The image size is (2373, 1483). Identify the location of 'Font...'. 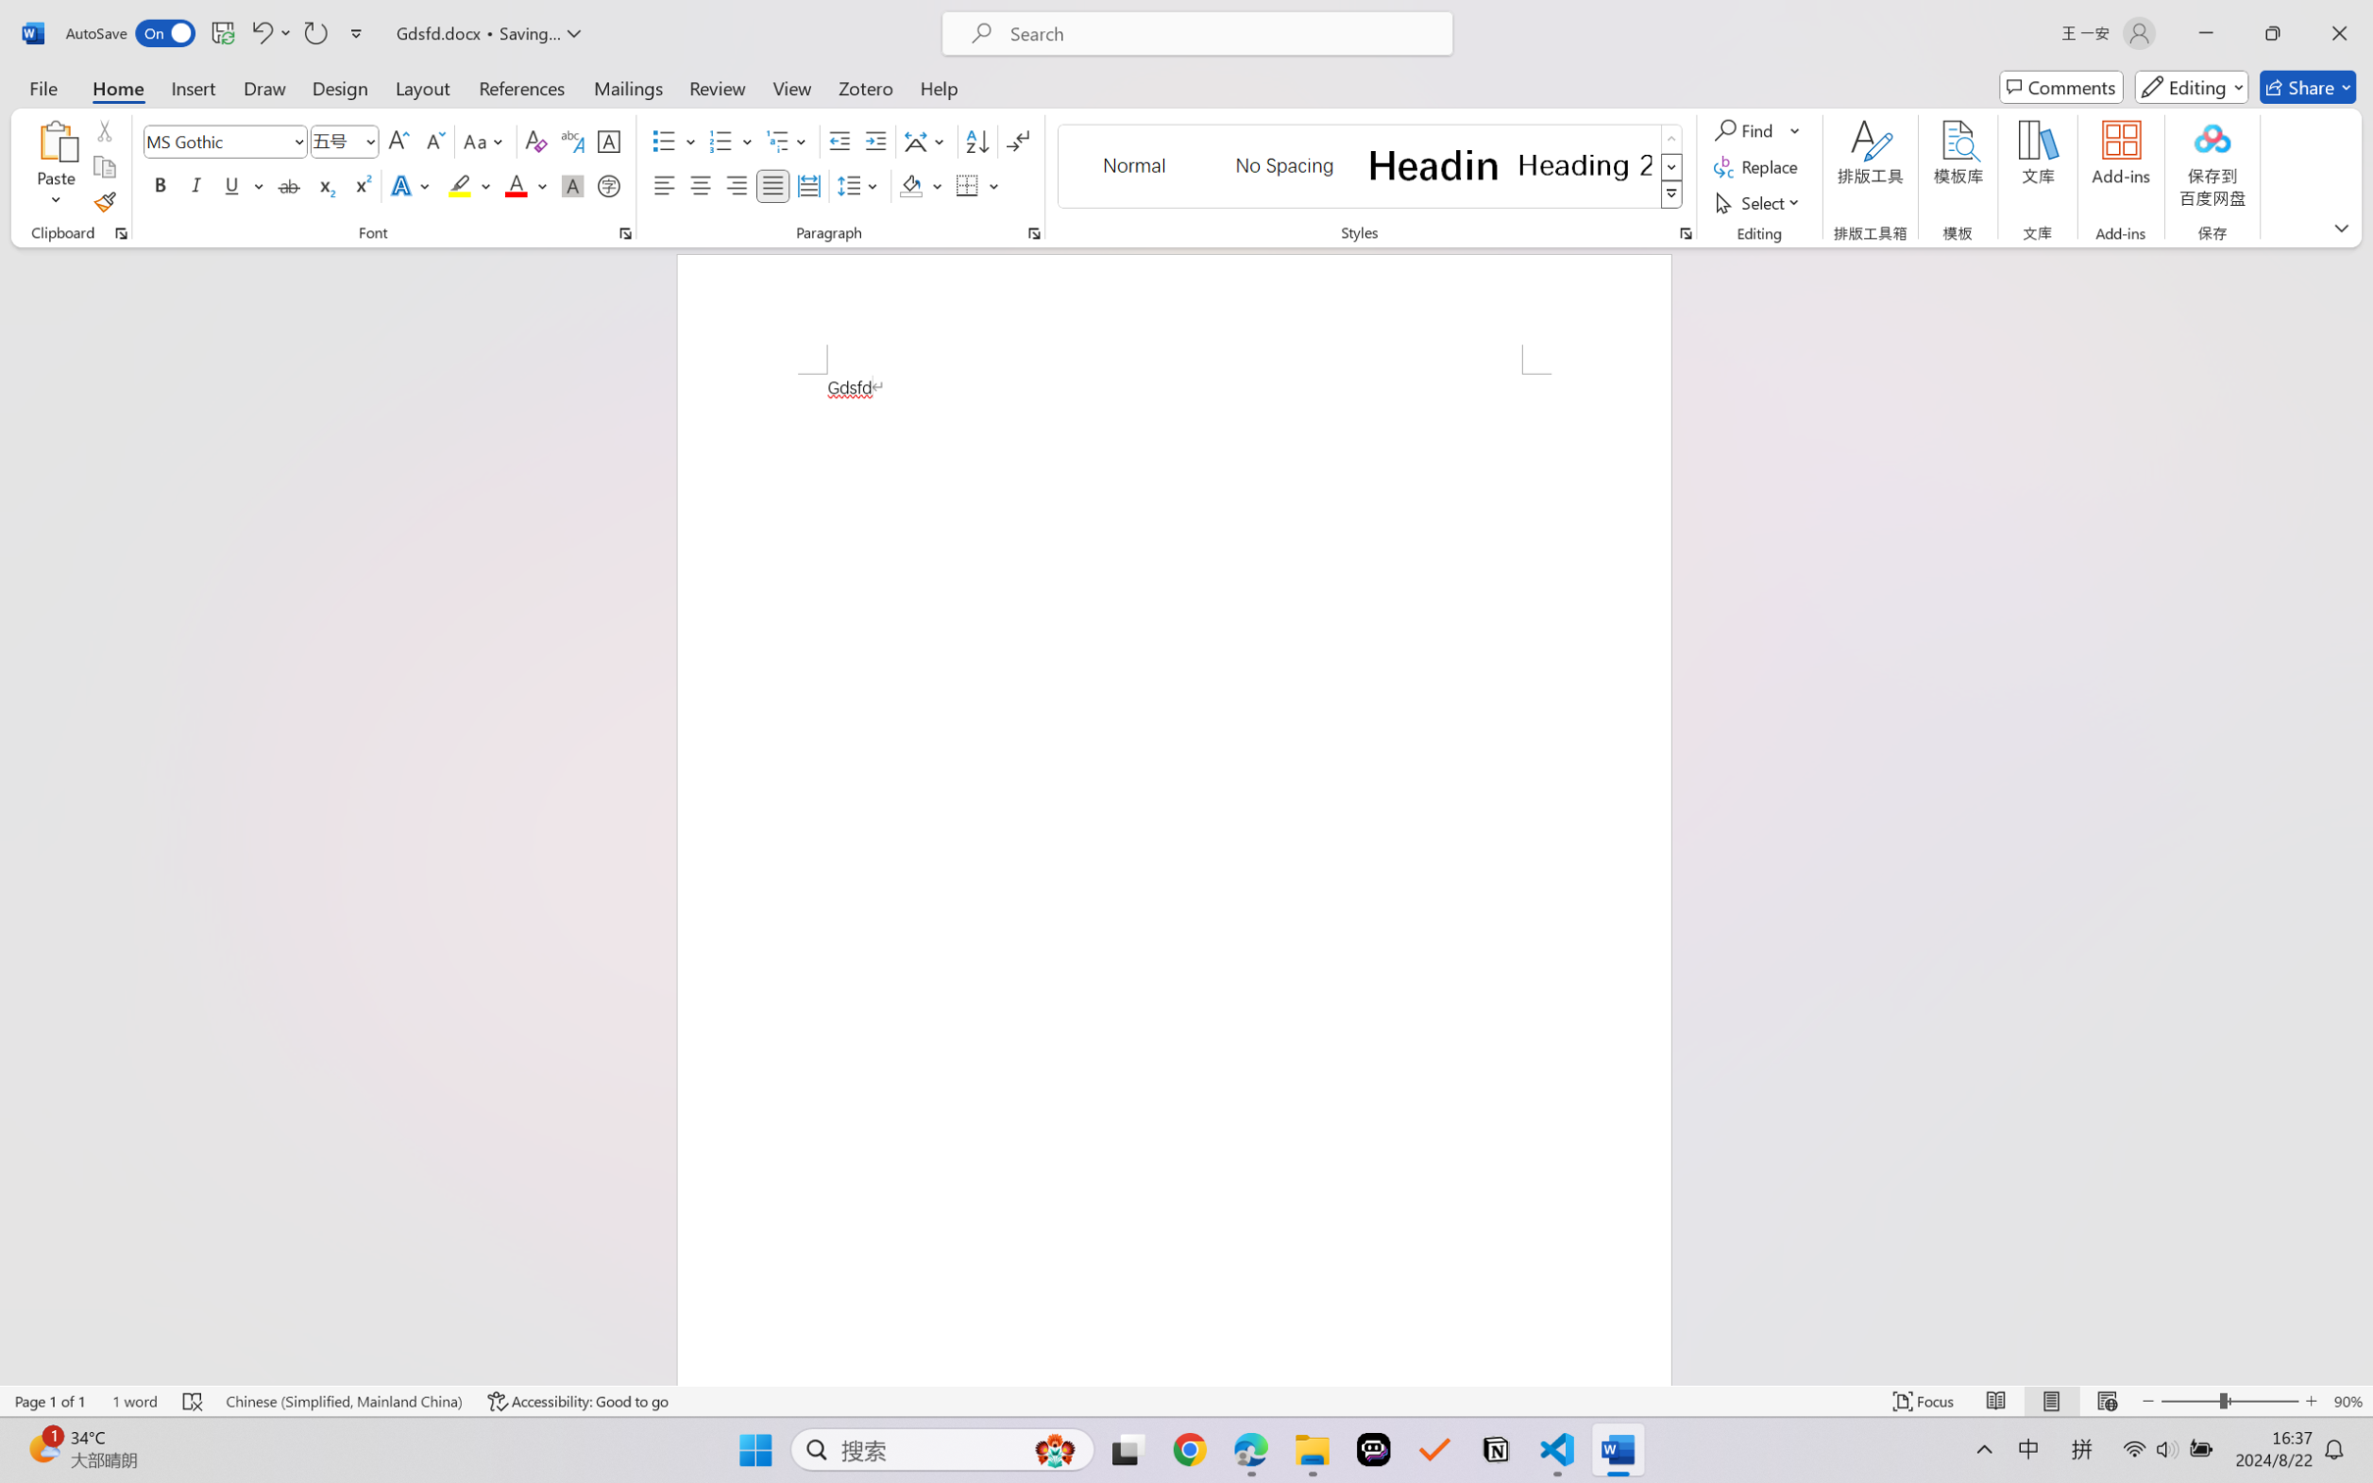
(625, 232).